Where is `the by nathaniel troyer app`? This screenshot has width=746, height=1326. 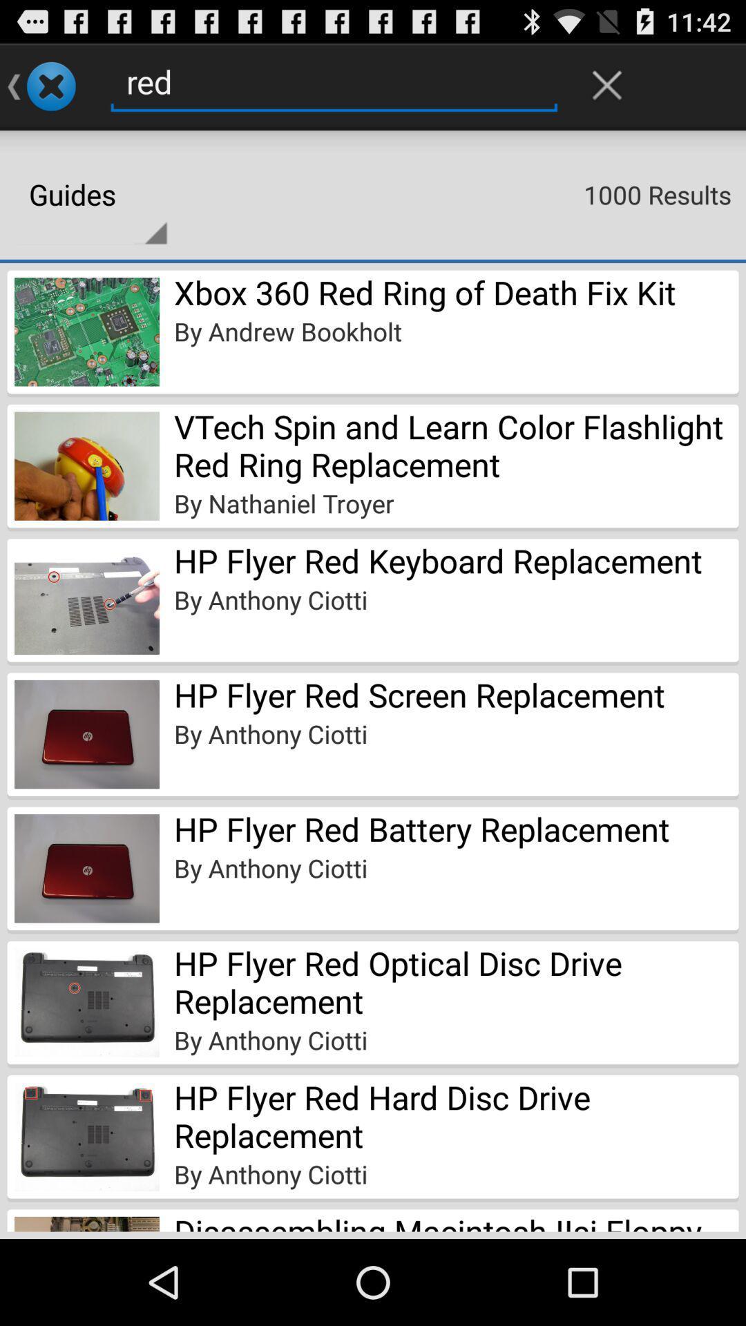 the by nathaniel troyer app is located at coordinates (283, 503).